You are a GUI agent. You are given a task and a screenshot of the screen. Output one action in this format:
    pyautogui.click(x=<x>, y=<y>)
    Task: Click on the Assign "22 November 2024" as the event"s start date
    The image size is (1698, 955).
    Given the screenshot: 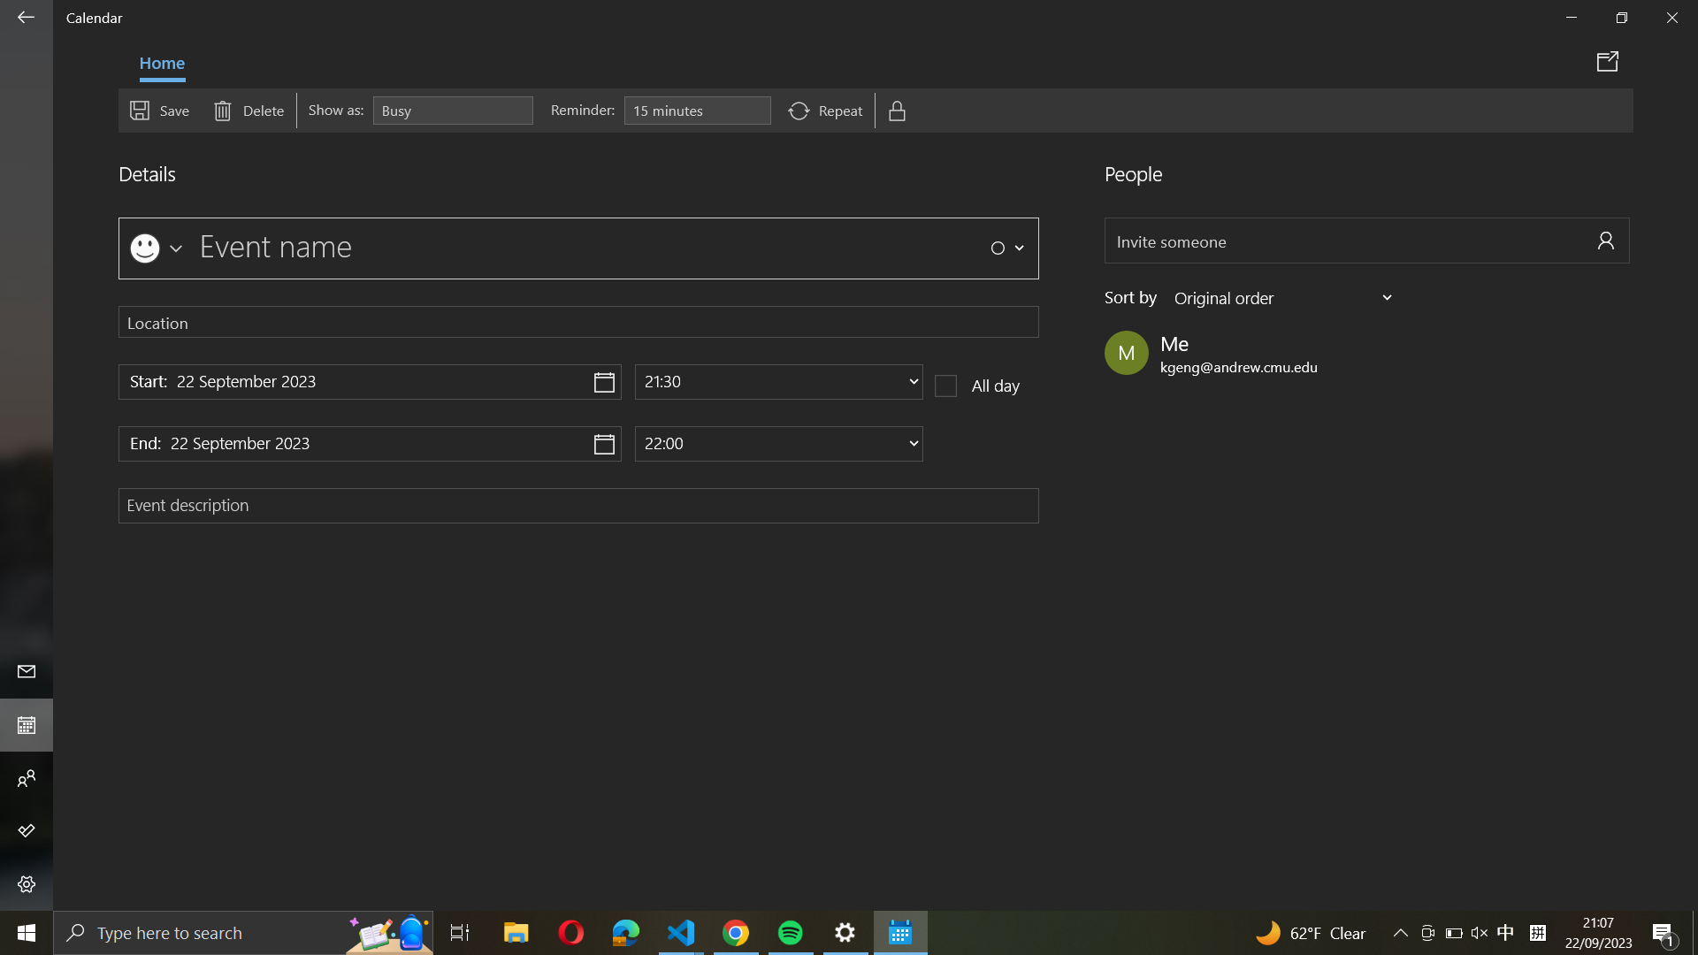 What is the action you would take?
    pyautogui.click(x=369, y=381)
    